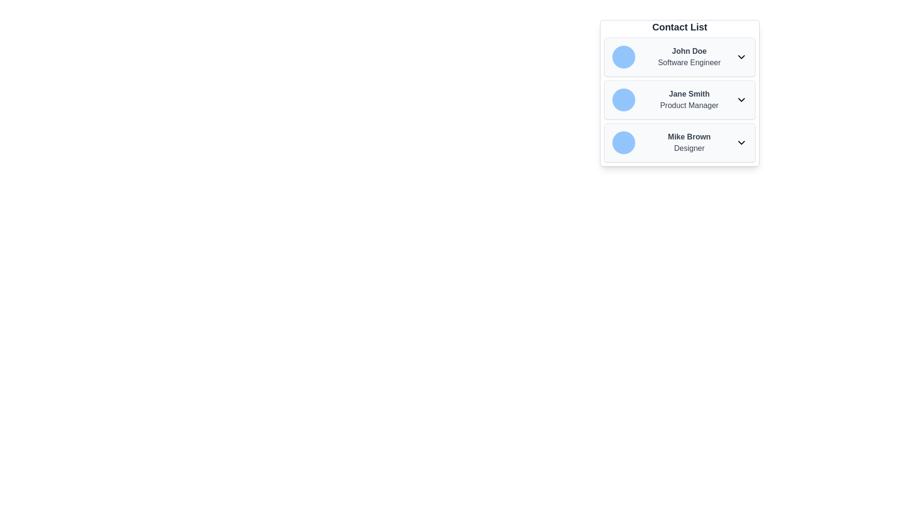 Image resolution: width=915 pixels, height=514 pixels. Describe the element at coordinates (679, 27) in the screenshot. I see `the 'Contact List' text label to potentially trigger a tooltip` at that location.